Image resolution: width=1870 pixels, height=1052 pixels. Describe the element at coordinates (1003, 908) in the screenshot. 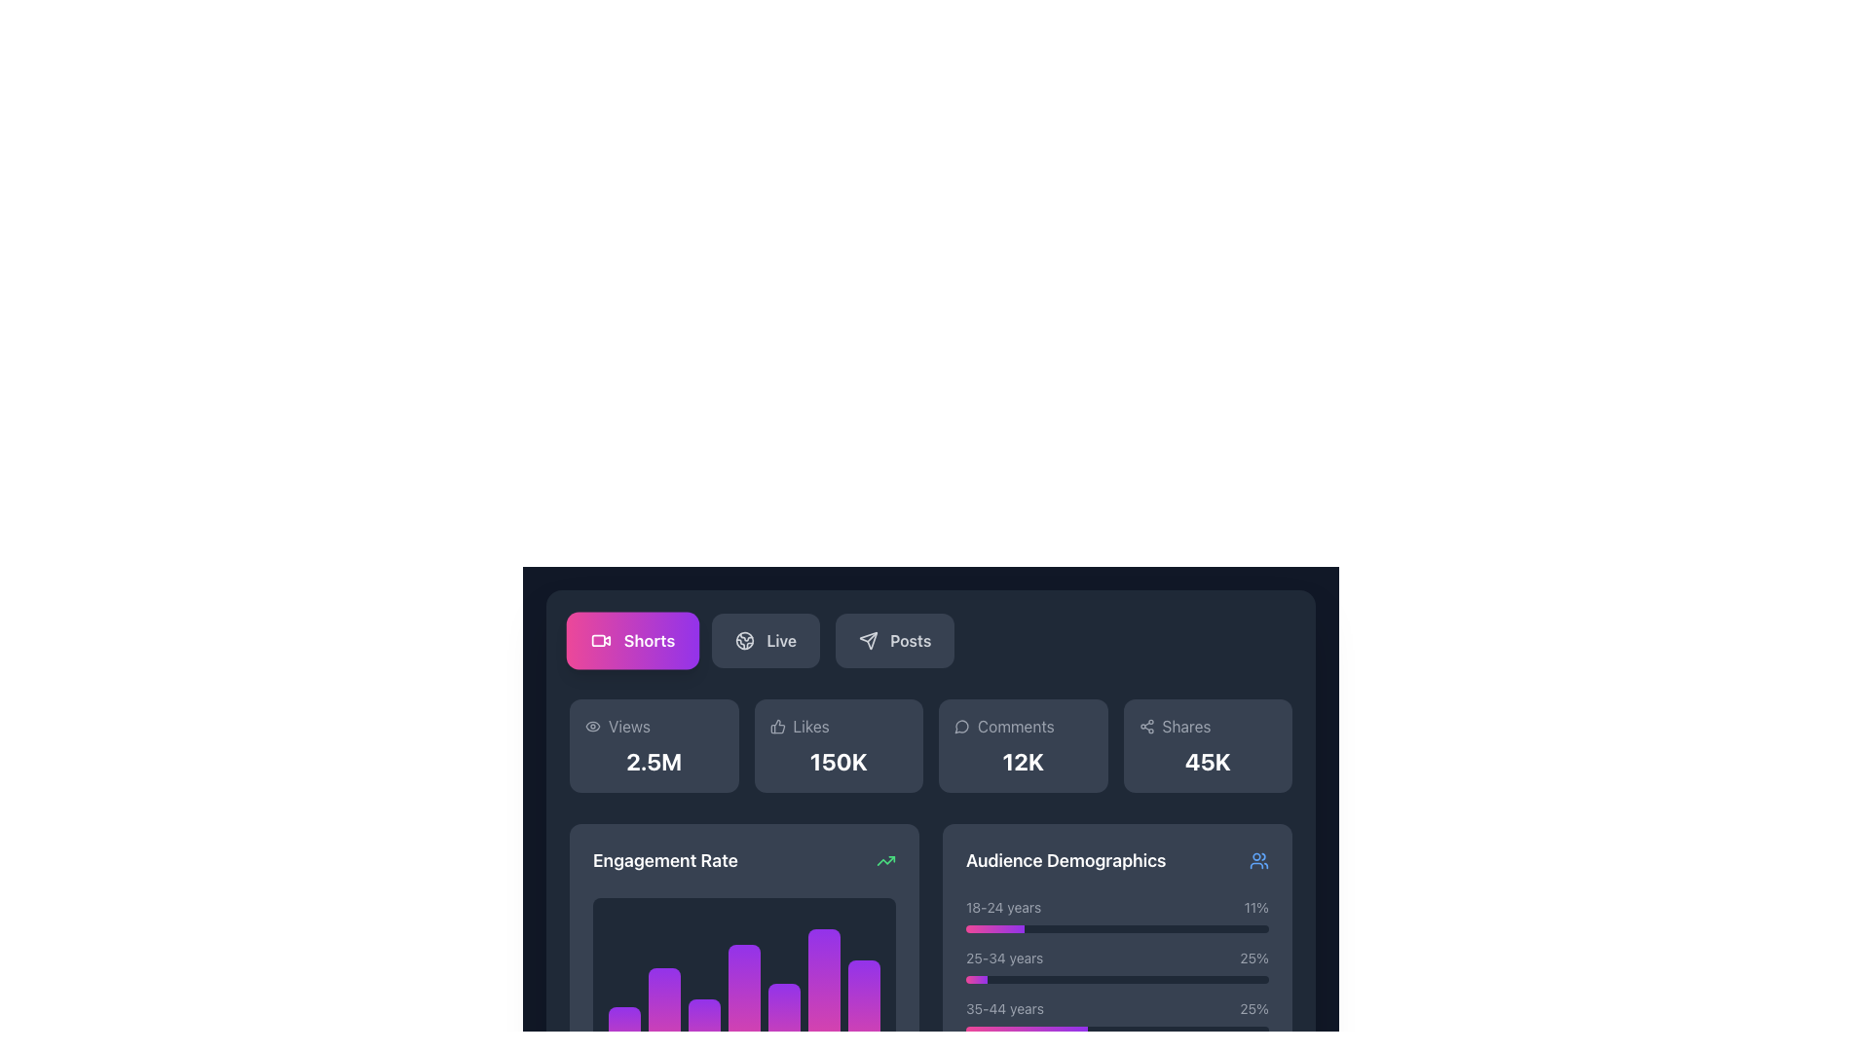

I see `text label that displays '18-24 years' within the demographic chart labeled 'Audience Demographics' in the right section of the application interface` at that location.